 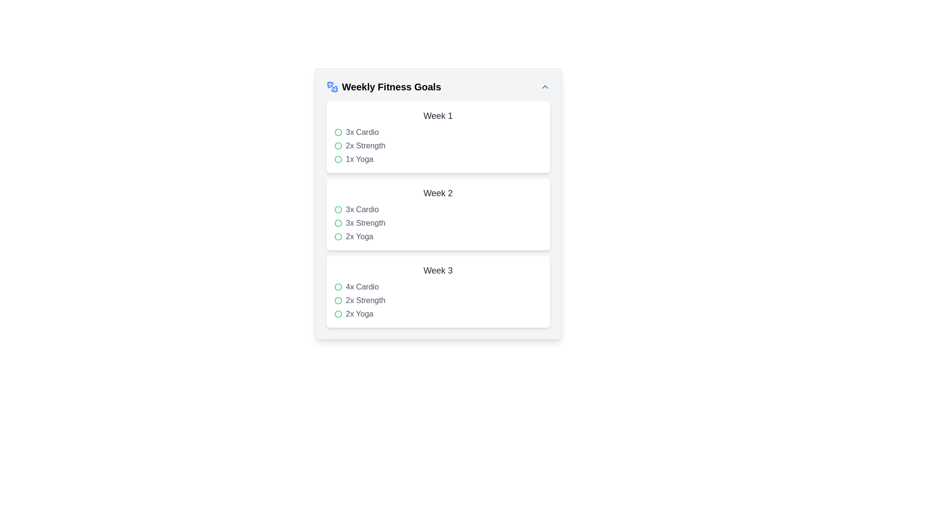 What do you see at coordinates (338, 145) in the screenshot?
I see `the circular visual cue indicating the '2x Strength' status, located to the left of the text within the 'Weekly Fitness Goals' section for 'Week 1'` at bounding box center [338, 145].